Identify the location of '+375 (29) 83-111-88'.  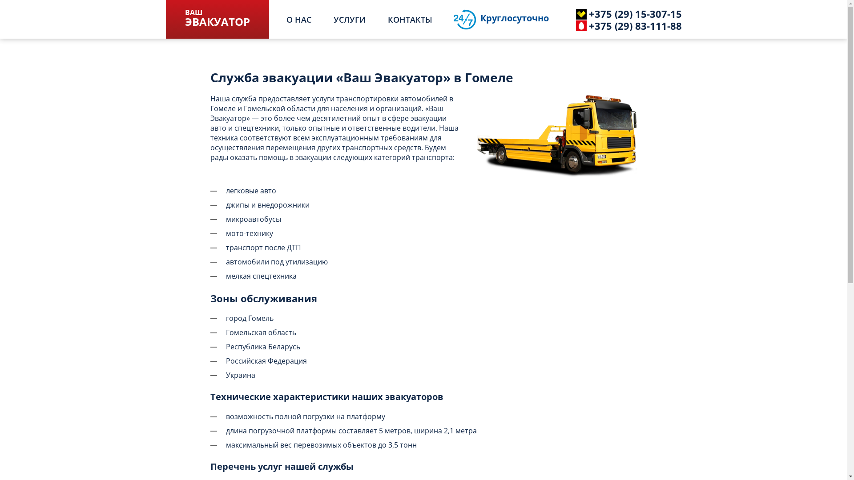
(616, 25).